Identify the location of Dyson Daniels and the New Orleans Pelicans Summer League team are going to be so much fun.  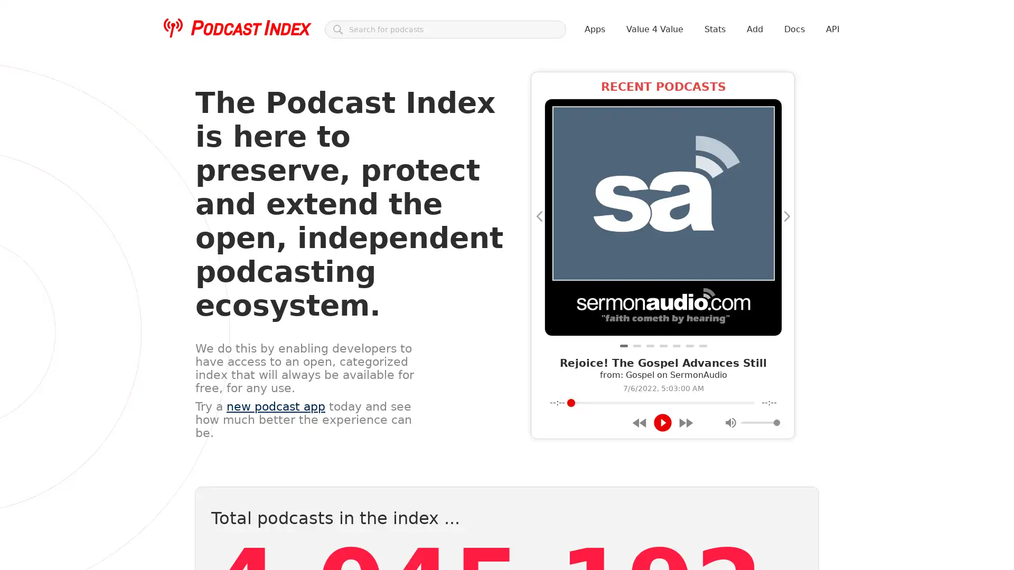
(676, 346).